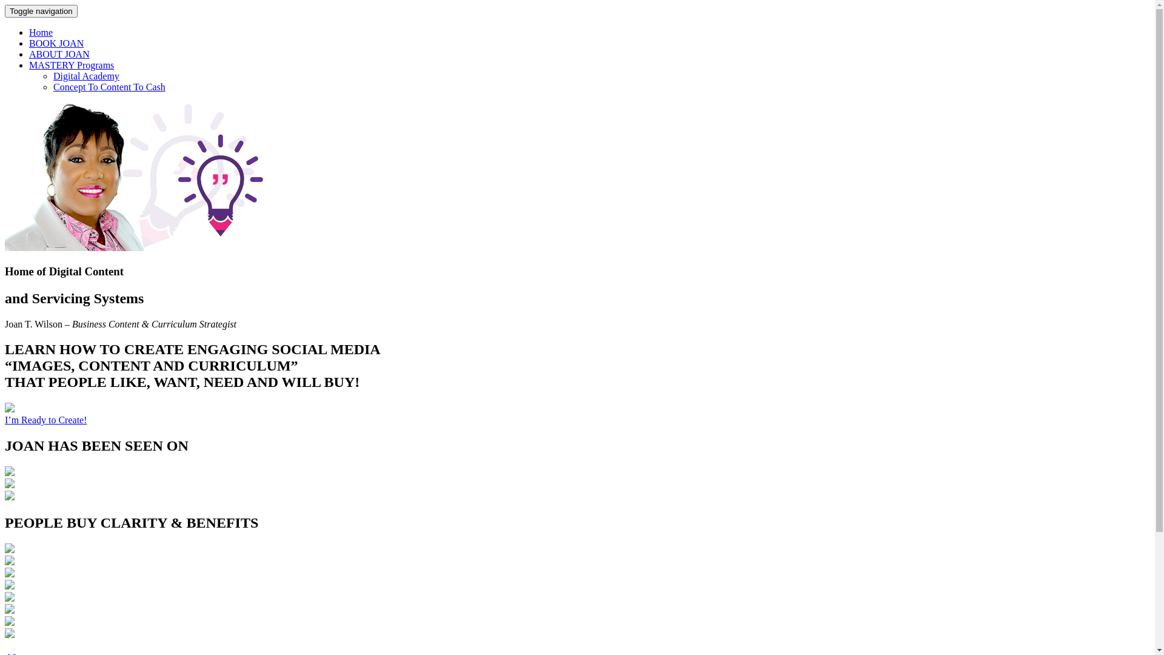  Describe the element at coordinates (85, 76) in the screenshot. I see `'Digital Academy'` at that location.